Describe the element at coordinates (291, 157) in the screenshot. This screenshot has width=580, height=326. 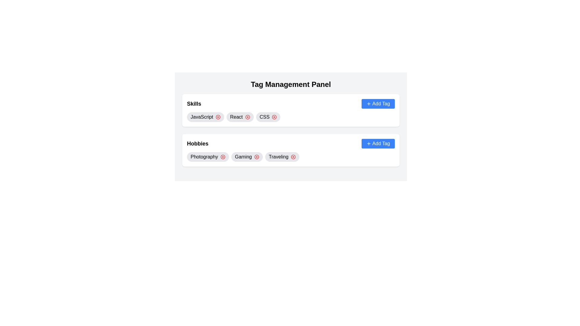
I see `the red interactive icon next to the tag labeled 'Traveling' in the Tag list with removable options located in the lower half of the Hobbies section` at that location.